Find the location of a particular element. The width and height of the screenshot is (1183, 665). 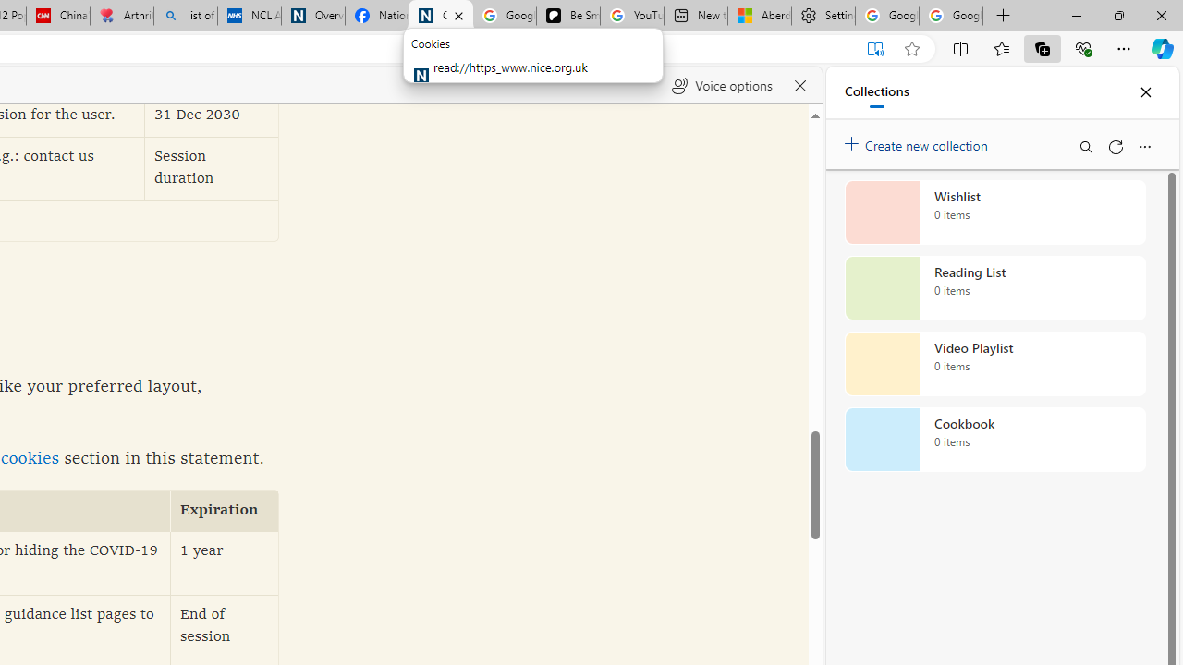

'Be Smart | creating Science videos | Patreon' is located at coordinates (567, 16).